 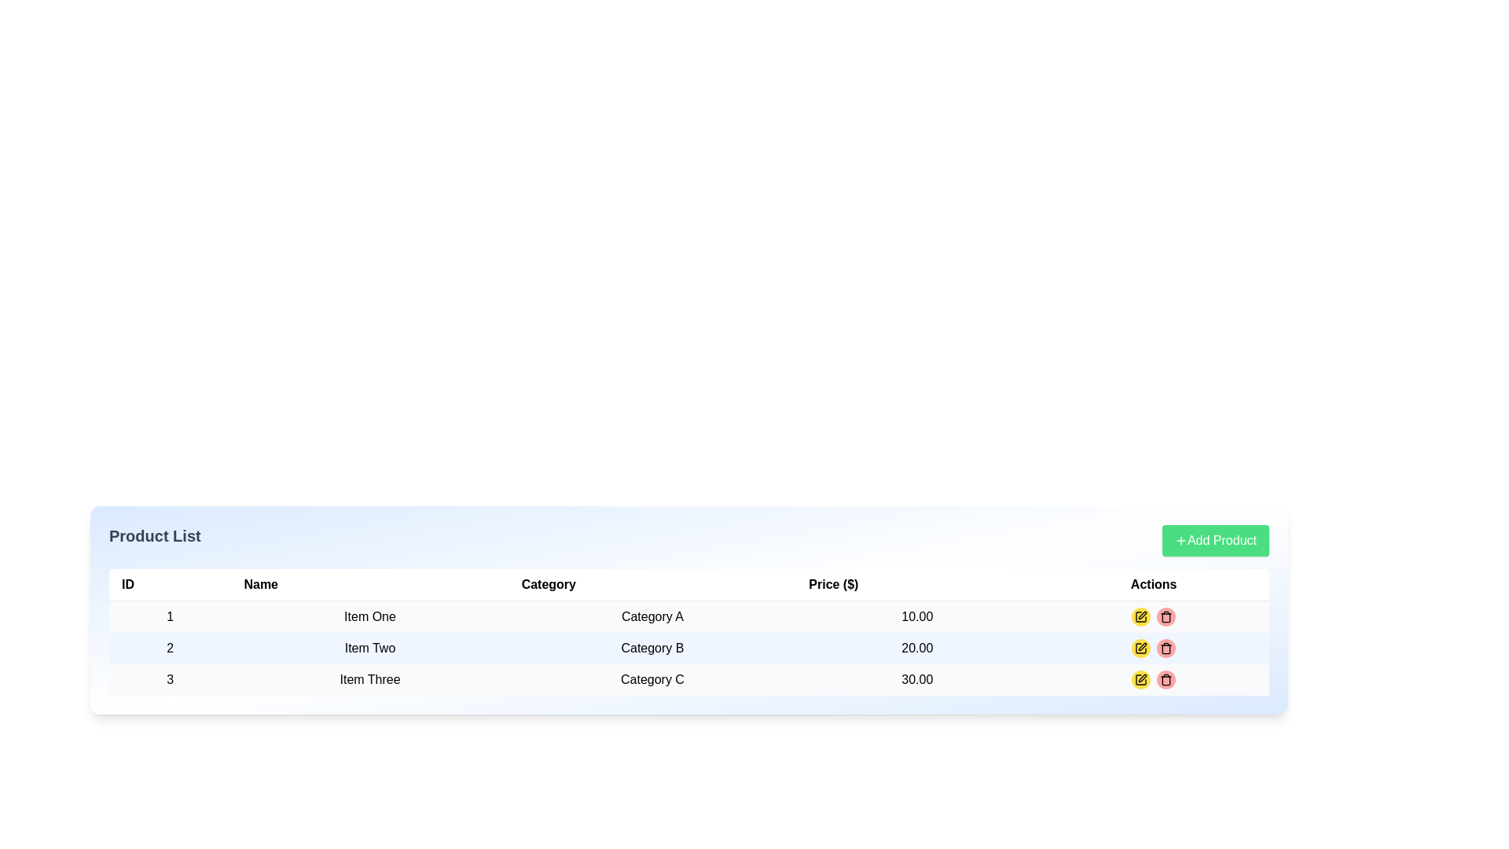 What do you see at coordinates (170, 649) in the screenshot?
I see `the Text label in the second row of the table under the 'ID' column, which identifies the order or category of the listed item` at bounding box center [170, 649].